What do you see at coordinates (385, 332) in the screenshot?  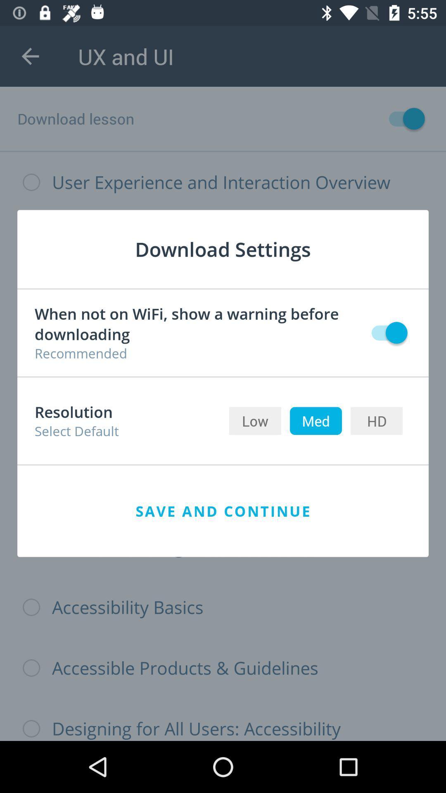 I see `deselect setting` at bounding box center [385, 332].